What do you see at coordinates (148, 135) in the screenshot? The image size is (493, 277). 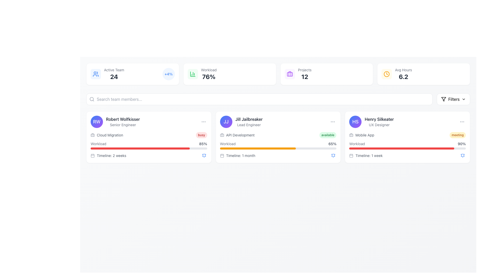 I see `displayed information about the project 'Cloud Migration' associated with 'Robert Wolfkisser' and their current status labeled as 'busy'` at bounding box center [148, 135].